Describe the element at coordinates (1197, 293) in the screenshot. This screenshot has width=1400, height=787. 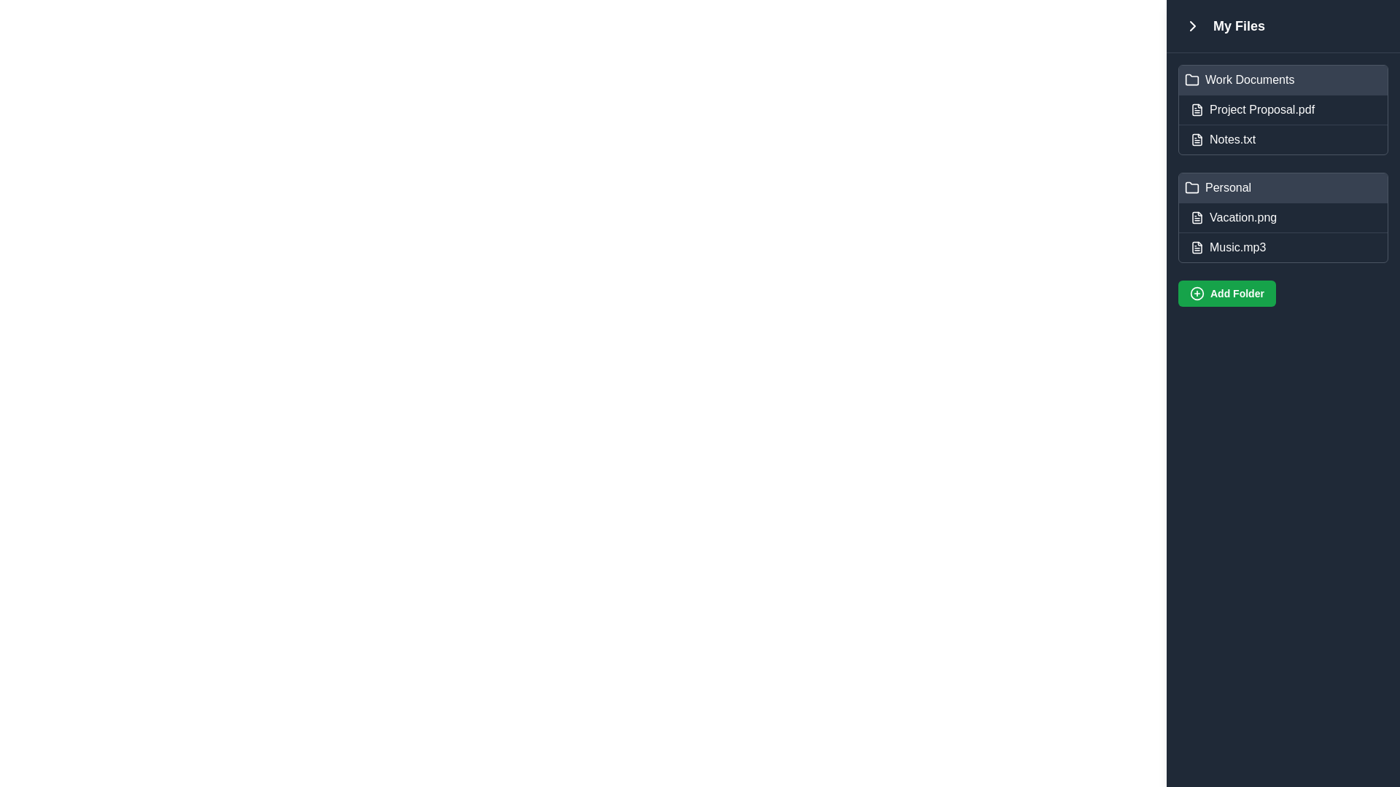
I see `the 'Add Folder' button which contains the circular SVG graphic with a 20-pixel diameter, located at the bottom of the file panel on the right side of the application interface` at that location.